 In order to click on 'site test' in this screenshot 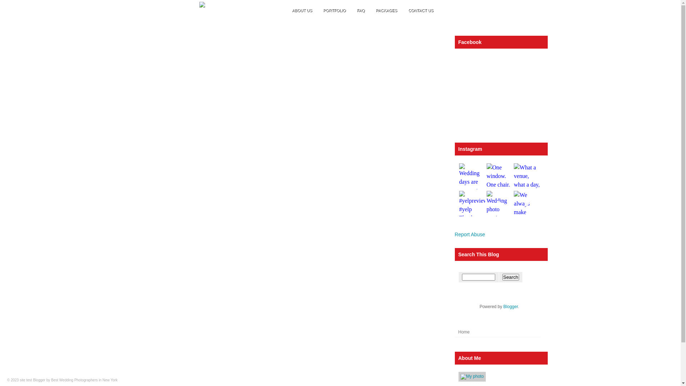, I will do `click(26, 380)`.